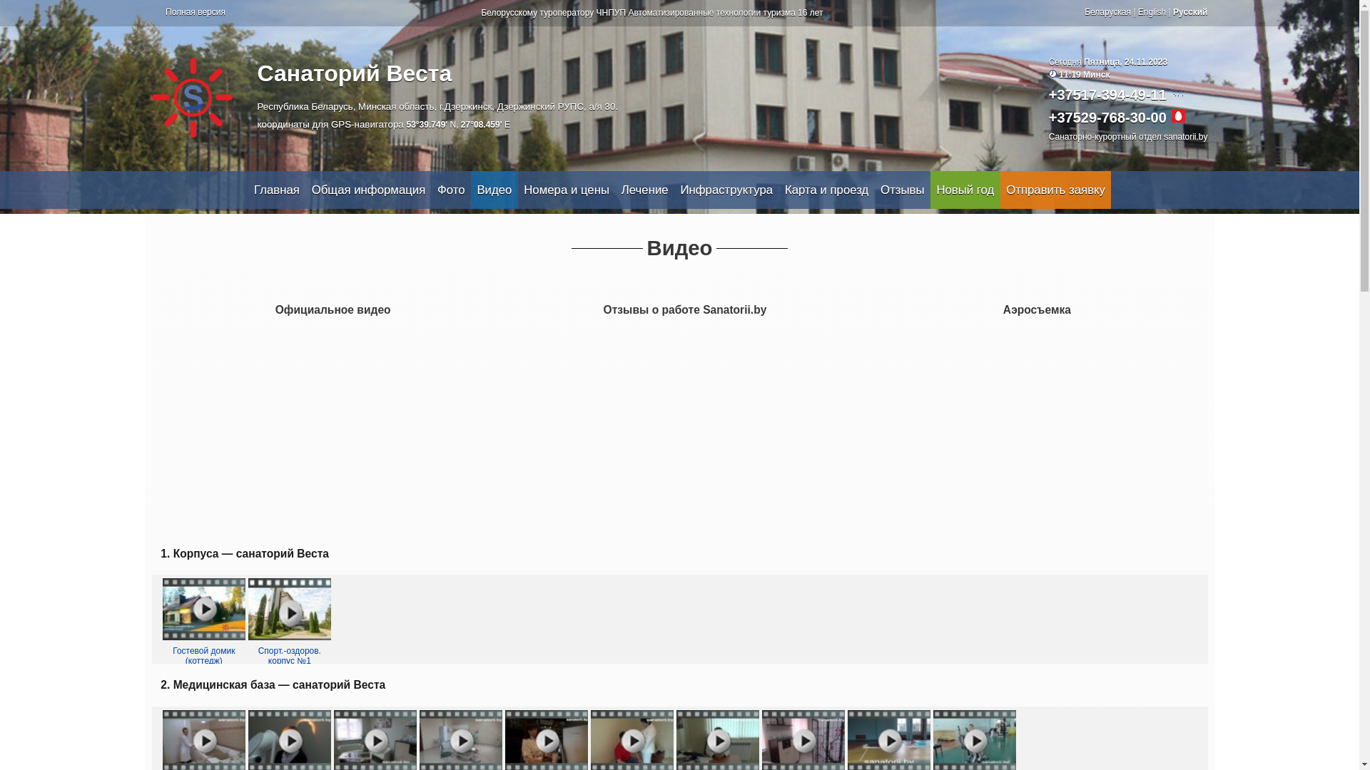  I want to click on '+37517-394-49-11', so click(1048, 94).